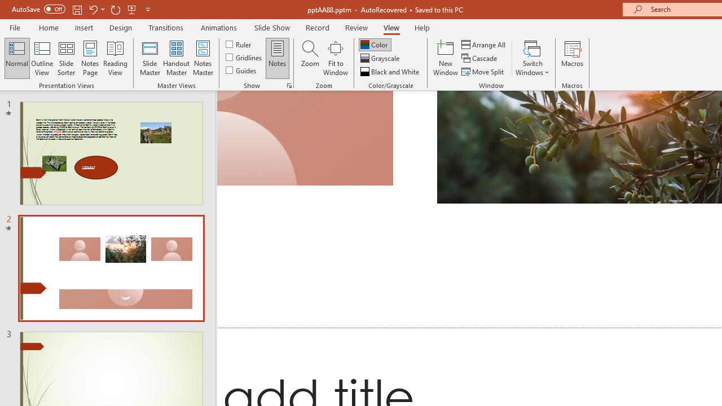  Describe the element at coordinates (381, 58) in the screenshot. I see `'Grayscale'` at that location.